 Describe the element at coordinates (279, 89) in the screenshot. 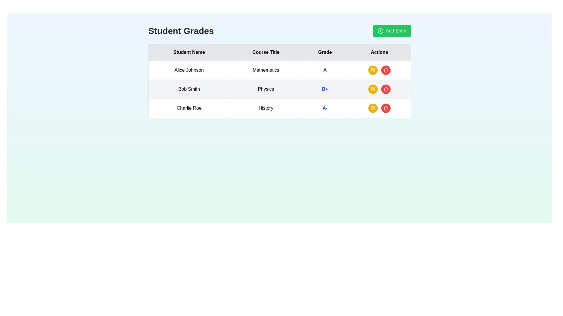

I see `the second row in the table that displays summarized information about a student's performance` at that location.